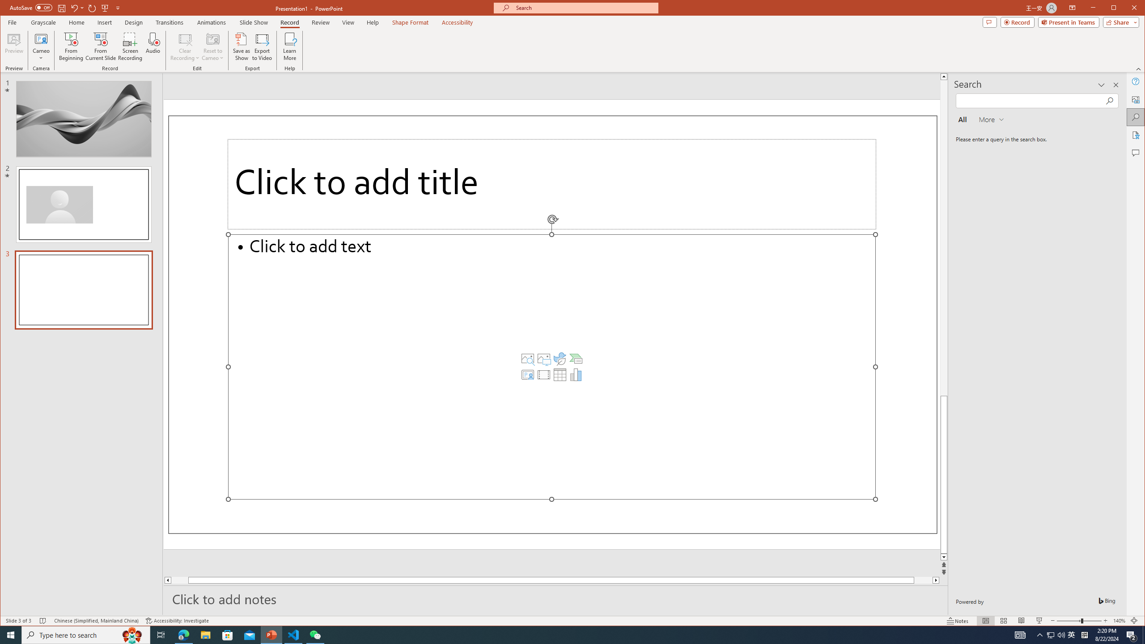 The image size is (1145, 644). I want to click on 'Close pane', so click(1115, 85).